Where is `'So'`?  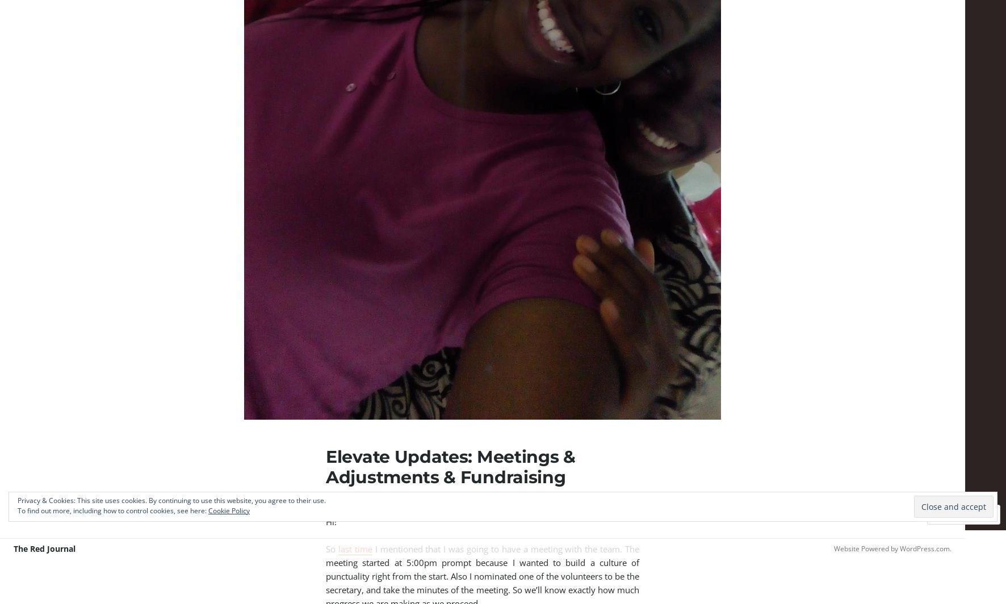 'So' is located at coordinates (332, 548).